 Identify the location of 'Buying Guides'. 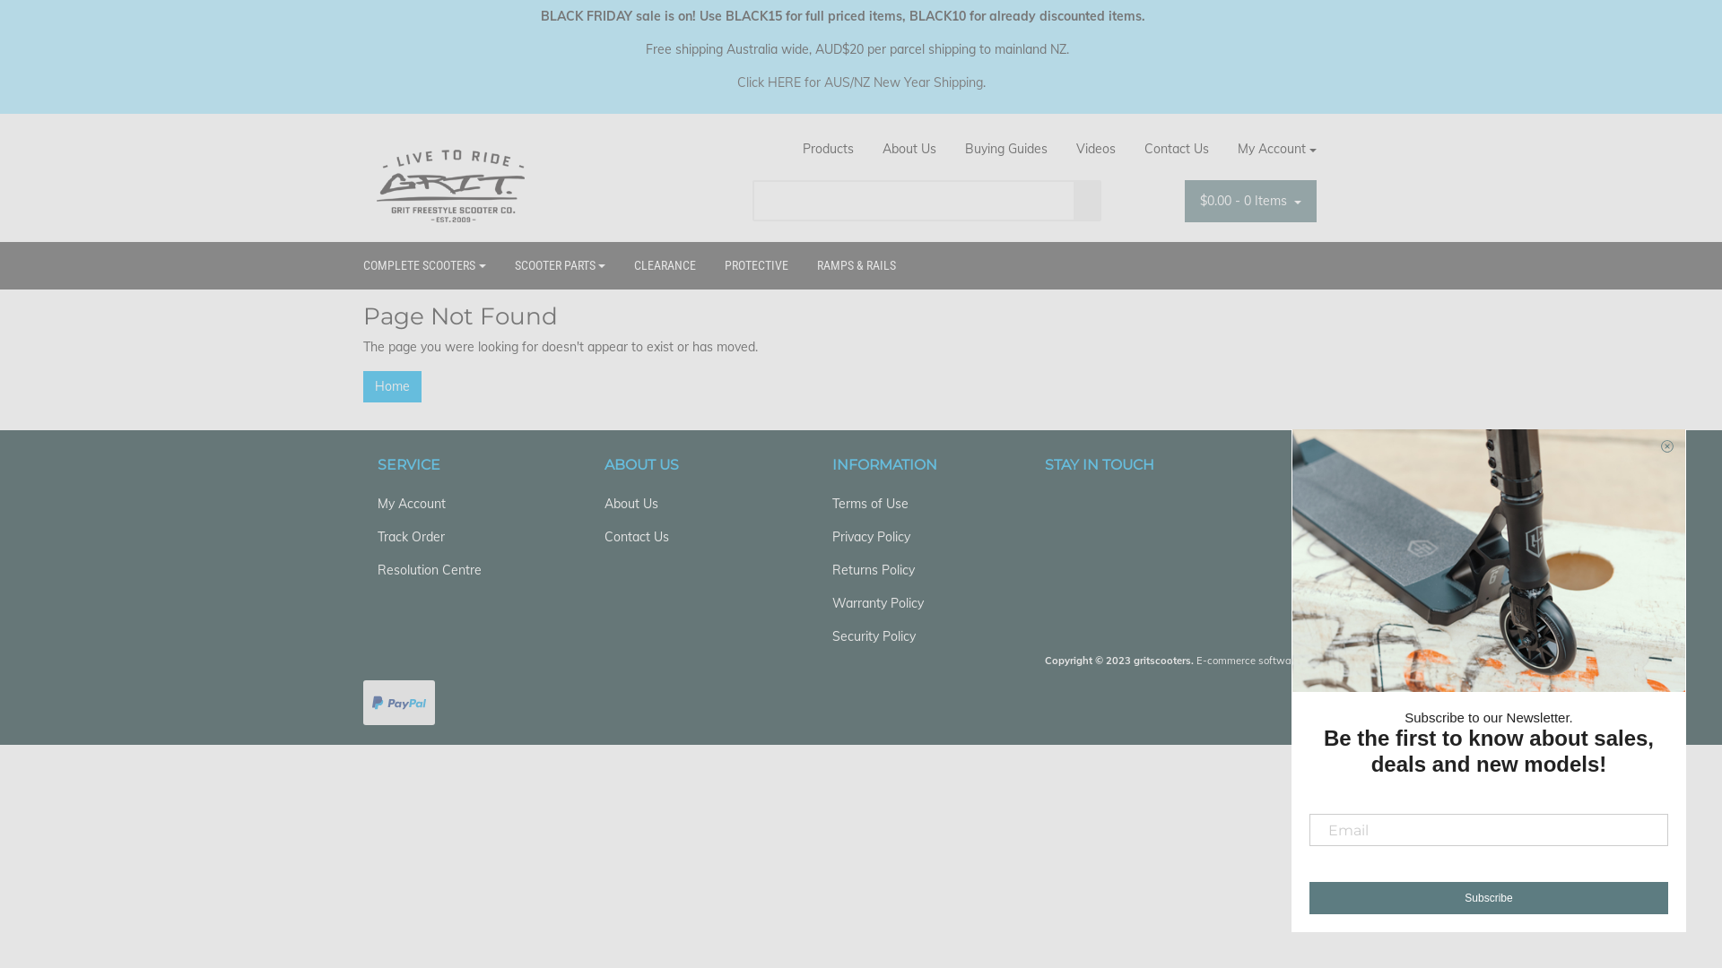
(1006, 148).